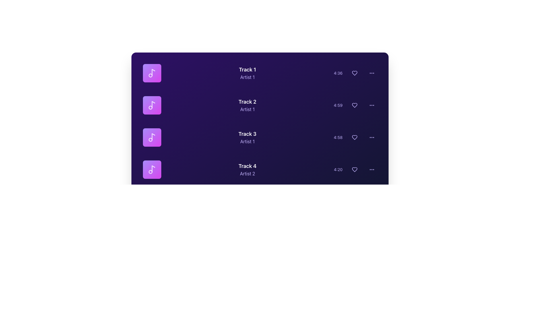 This screenshot has height=310, width=551. Describe the element at coordinates (259, 137) in the screenshot. I see `the List item representing the music track 'Track 3'` at that location.